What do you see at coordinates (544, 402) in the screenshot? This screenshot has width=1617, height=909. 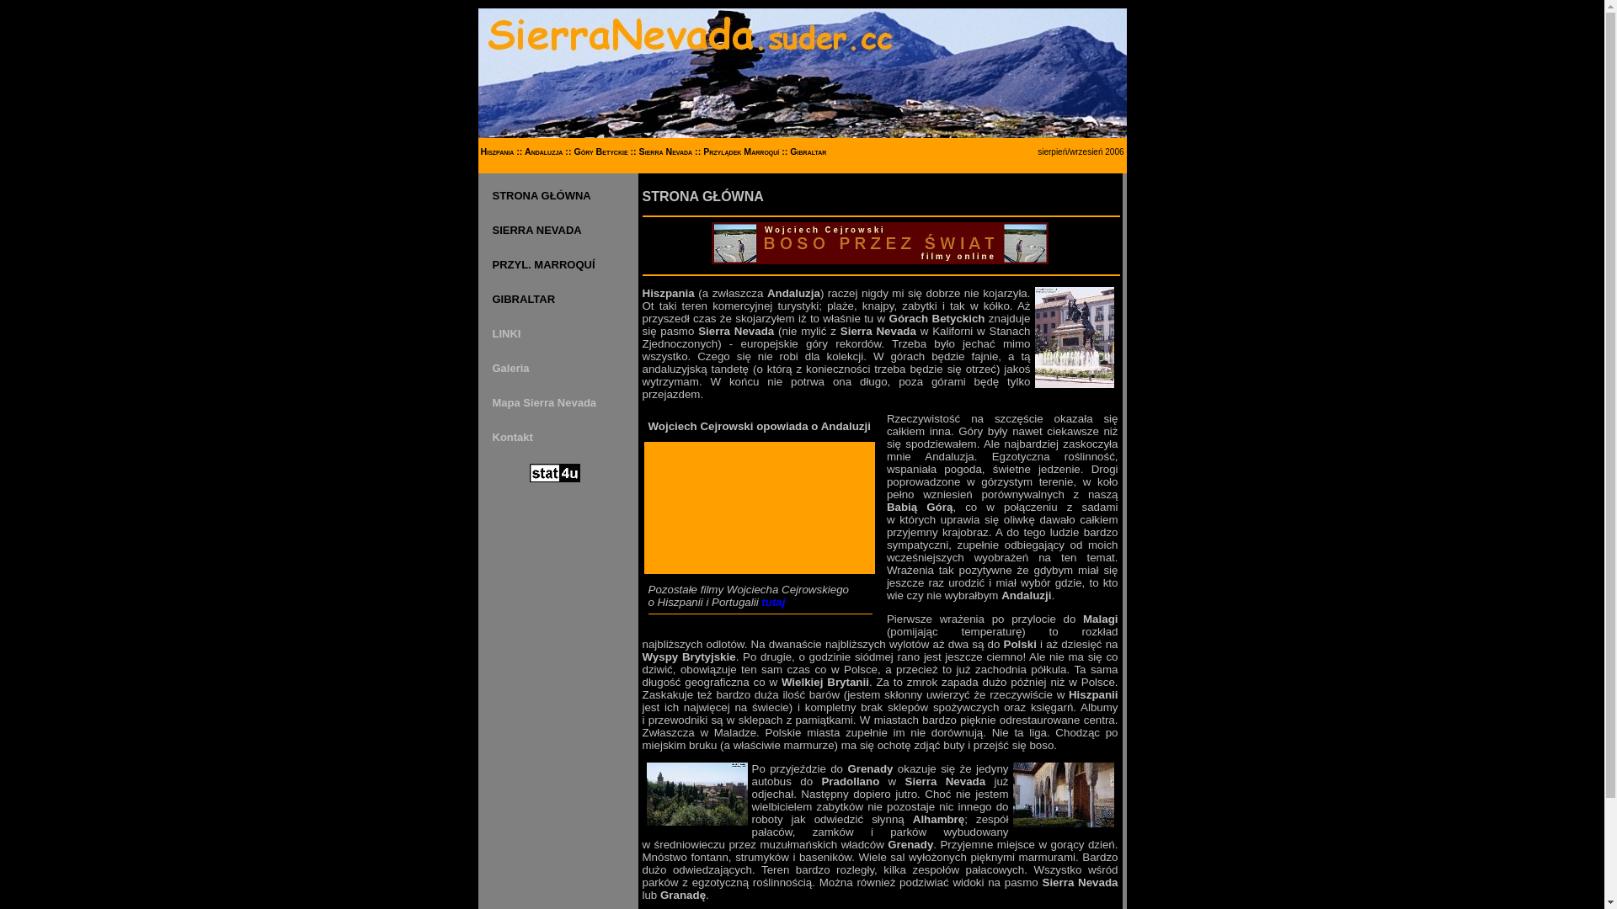 I see `'Mapa Sierra Nevada'` at bounding box center [544, 402].